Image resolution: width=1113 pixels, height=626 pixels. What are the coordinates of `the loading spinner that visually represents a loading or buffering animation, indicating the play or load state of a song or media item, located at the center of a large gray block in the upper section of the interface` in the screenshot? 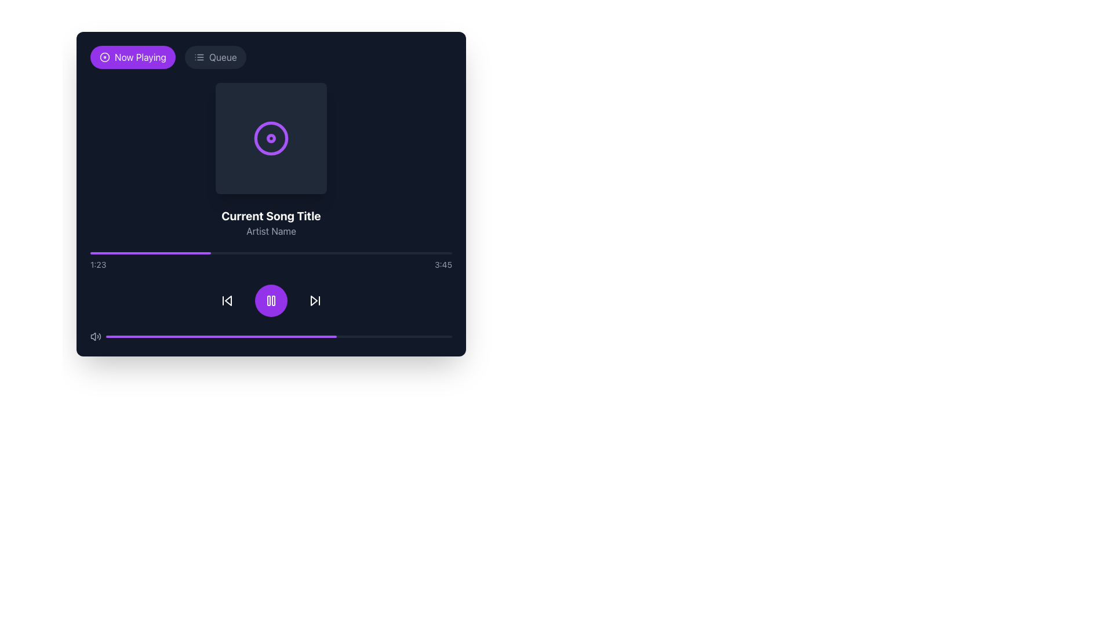 It's located at (270, 138).